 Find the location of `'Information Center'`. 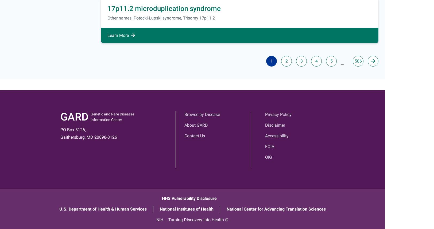

'Information Center' is located at coordinates (106, 119).